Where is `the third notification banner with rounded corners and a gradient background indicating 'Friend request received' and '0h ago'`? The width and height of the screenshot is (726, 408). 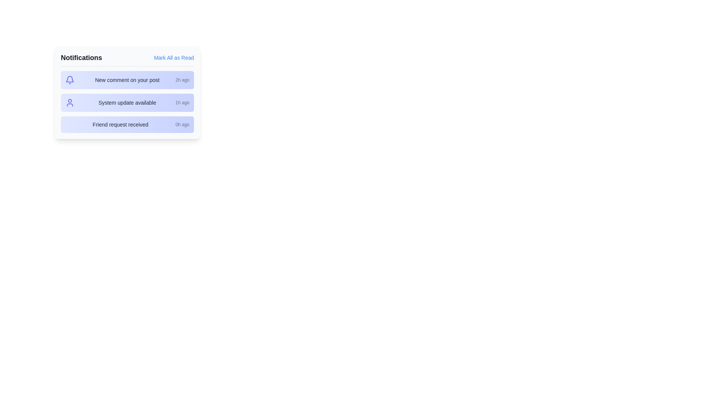 the third notification banner with rounded corners and a gradient background indicating 'Friend request received' and '0h ago' is located at coordinates (127, 124).